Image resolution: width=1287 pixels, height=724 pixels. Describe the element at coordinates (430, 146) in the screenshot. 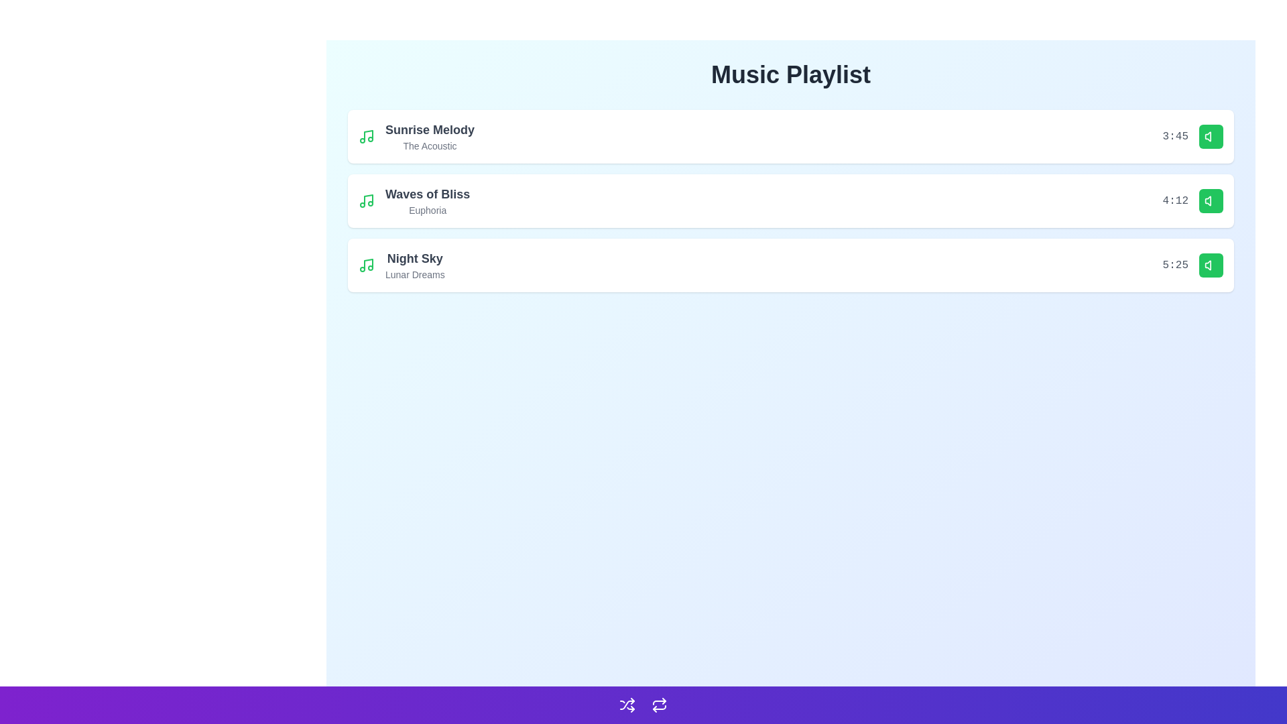

I see `the descriptive subtitle text label located underneath 'Sunrise Melody' within the 'Music Playlist' section` at that location.